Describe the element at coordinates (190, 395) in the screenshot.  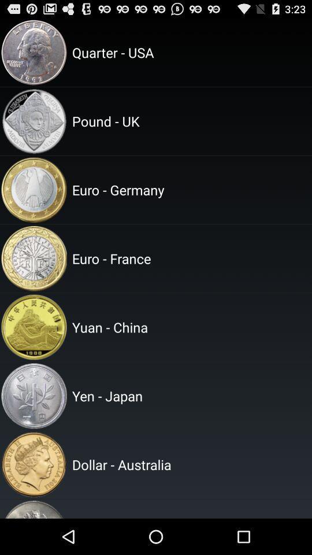
I see `the yen - japan` at that location.